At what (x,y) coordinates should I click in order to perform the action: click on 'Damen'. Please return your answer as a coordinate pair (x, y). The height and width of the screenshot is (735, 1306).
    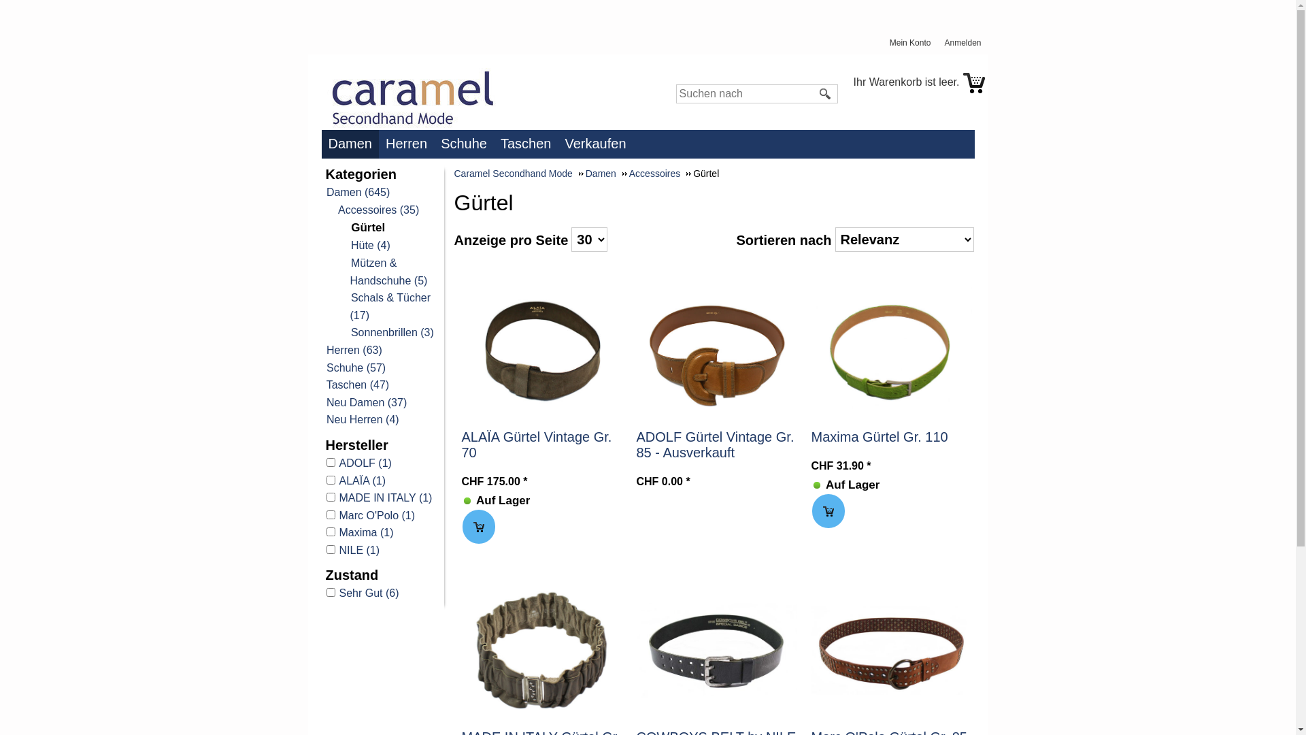
    Looking at the image, I should click on (352, 144).